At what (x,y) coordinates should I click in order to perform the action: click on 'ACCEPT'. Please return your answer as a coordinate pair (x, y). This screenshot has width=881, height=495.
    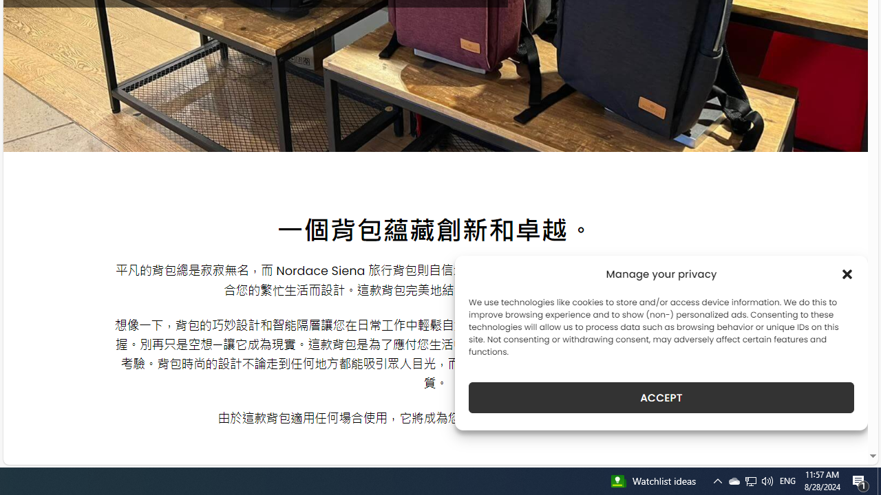
    Looking at the image, I should click on (661, 397).